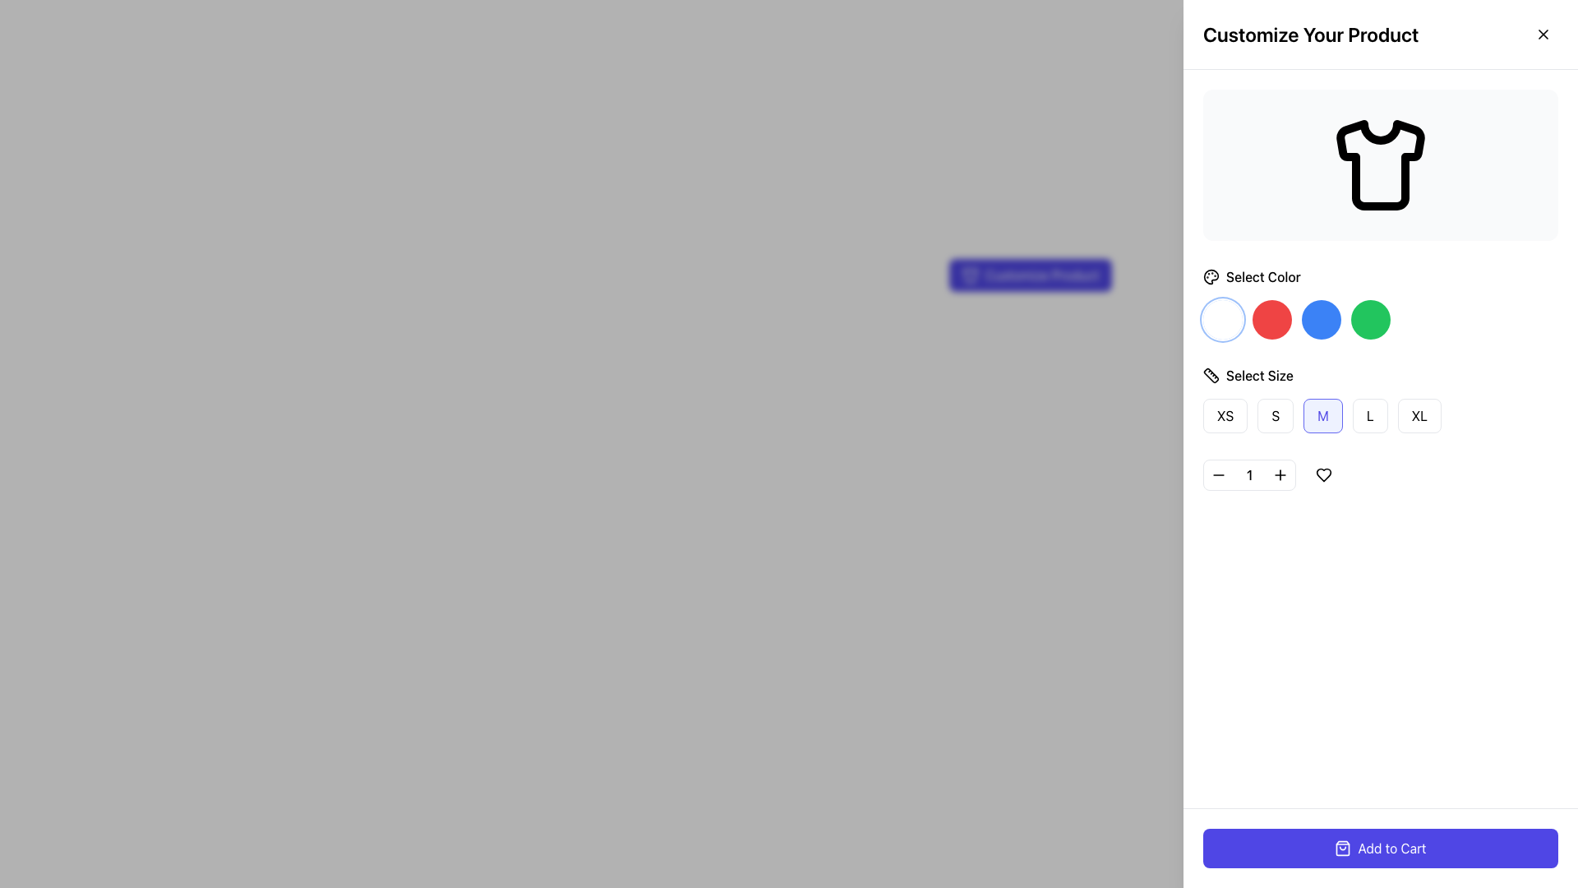  I want to click on the text label that describes the size selection section, located on the right pane, below the color selection section, and above the size options 'XS', 'S', 'M', 'L', and 'XL', so click(1258, 375).